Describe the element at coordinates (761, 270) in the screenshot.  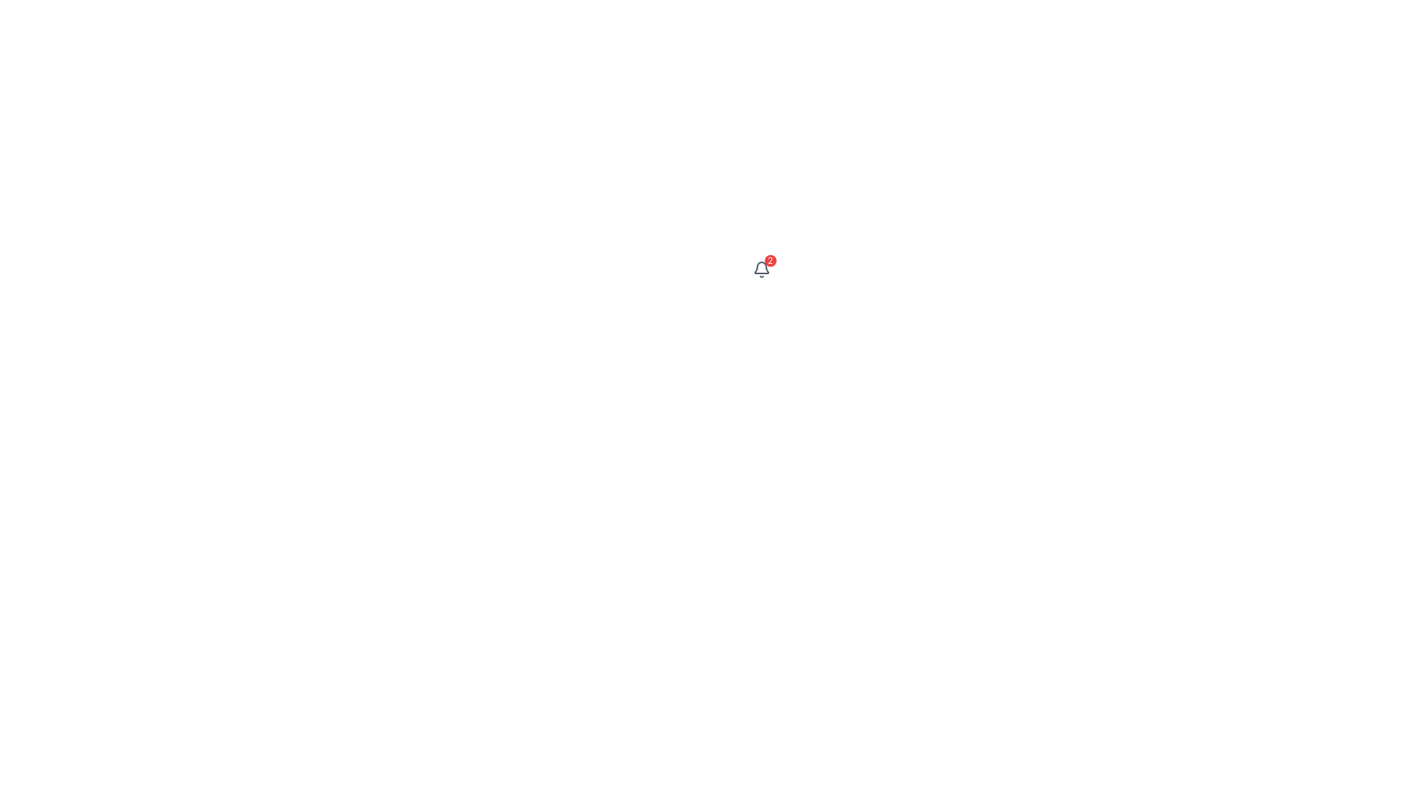
I see `the notification bell icon` at that location.